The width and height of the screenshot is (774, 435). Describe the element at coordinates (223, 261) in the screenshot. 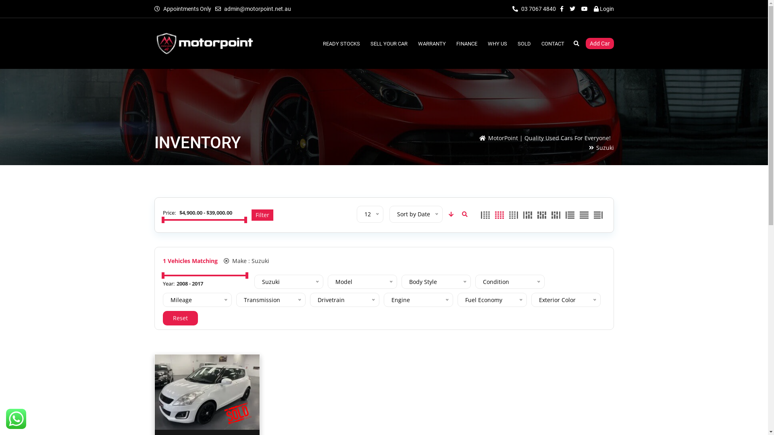

I see `'Make : Suzuki'` at that location.